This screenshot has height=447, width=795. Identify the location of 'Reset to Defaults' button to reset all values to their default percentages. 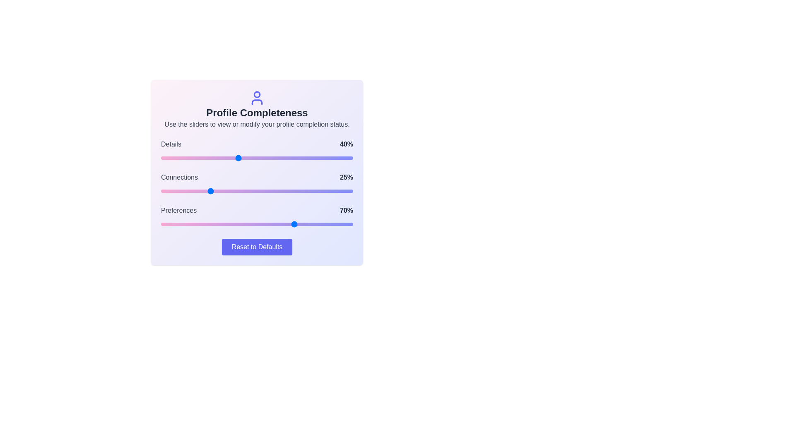
(256, 247).